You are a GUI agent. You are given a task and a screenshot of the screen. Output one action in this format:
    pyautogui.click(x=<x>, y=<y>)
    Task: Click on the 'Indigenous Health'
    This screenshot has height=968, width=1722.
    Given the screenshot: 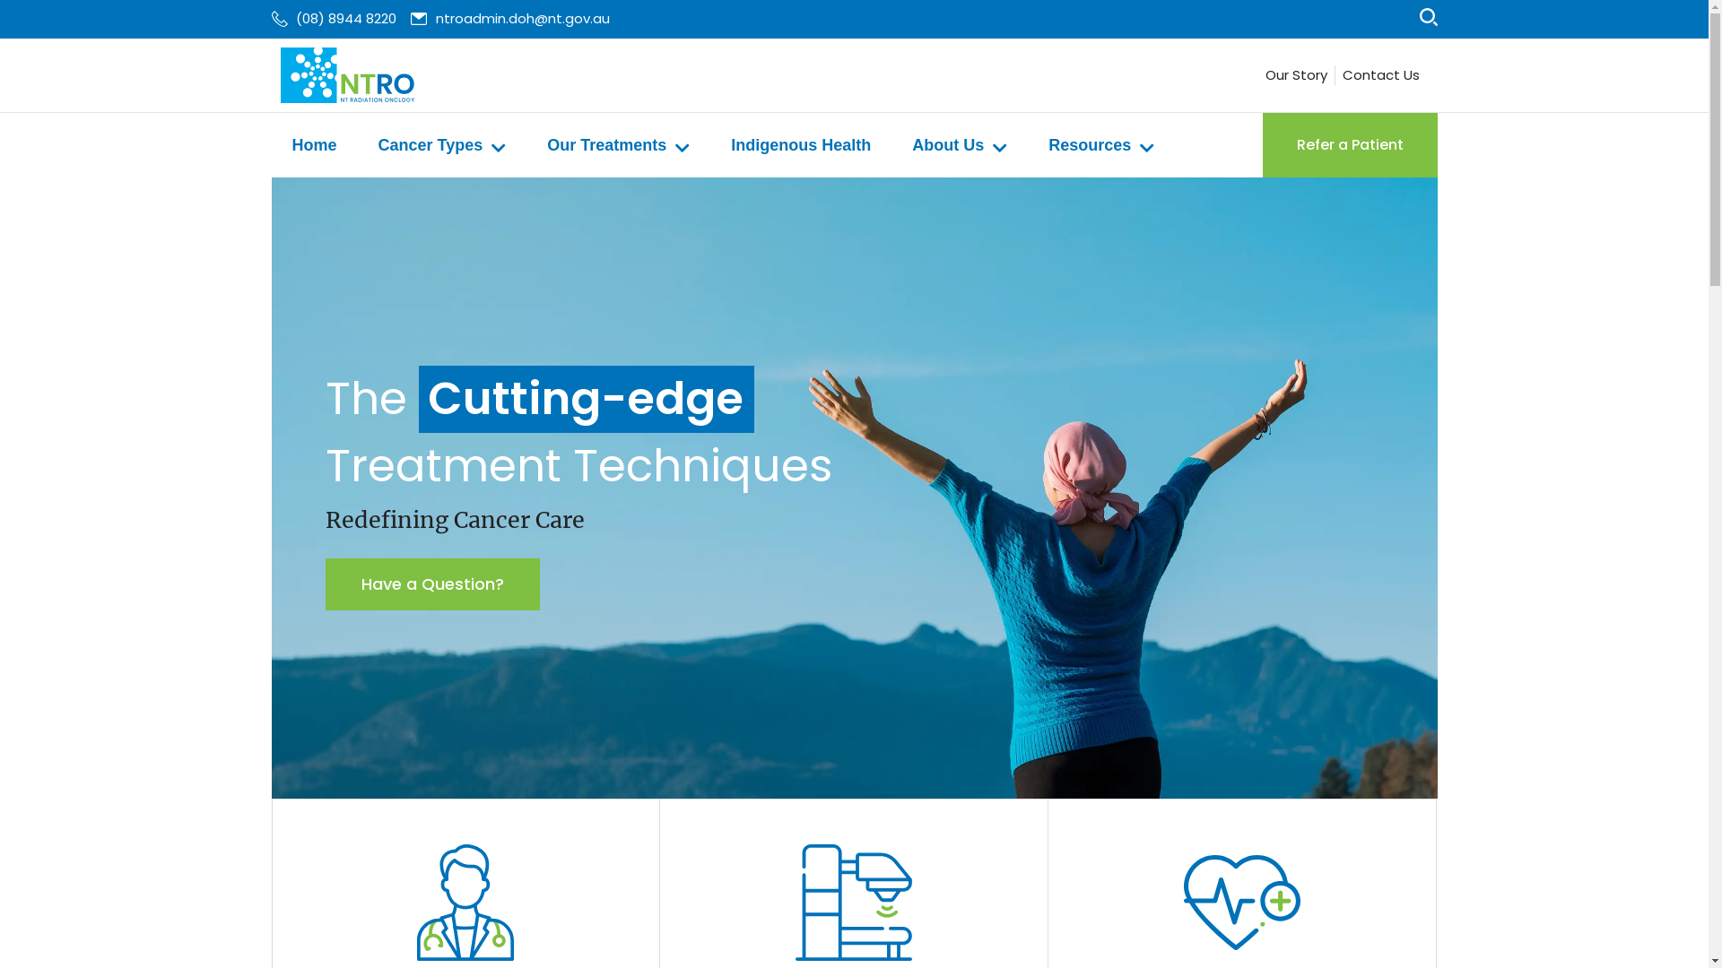 What is the action you would take?
    pyautogui.click(x=799, y=144)
    